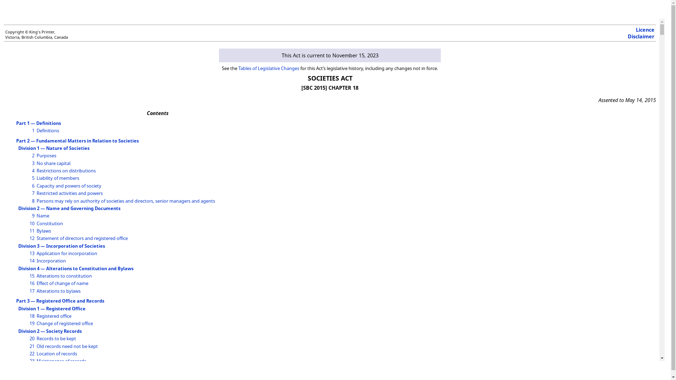 This screenshot has height=380, width=676. I want to click on '17', so click(32, 291).